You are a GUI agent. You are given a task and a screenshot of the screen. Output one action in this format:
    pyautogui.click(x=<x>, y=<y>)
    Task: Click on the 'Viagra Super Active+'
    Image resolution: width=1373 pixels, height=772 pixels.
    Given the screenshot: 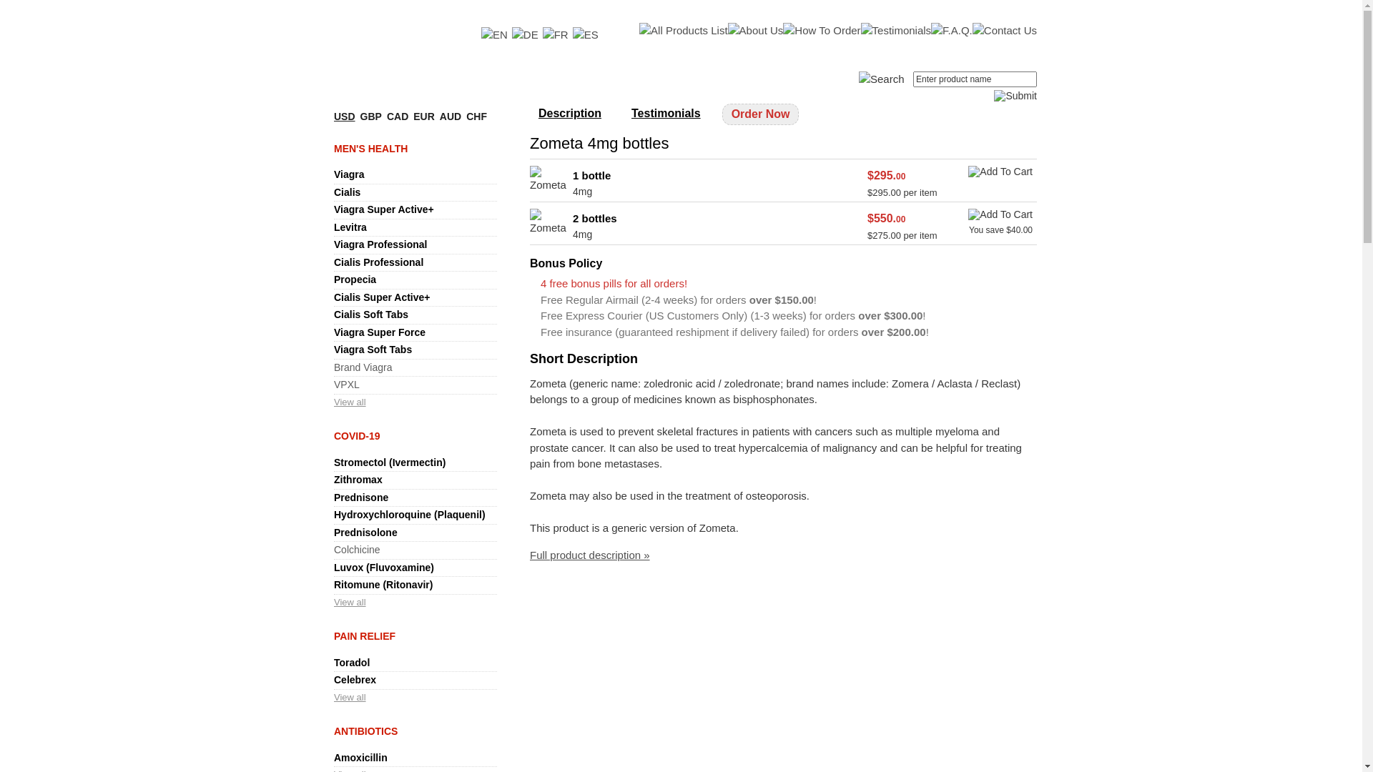 What is the action you would take?
    pyautogui.click(x=384, y=209)
    